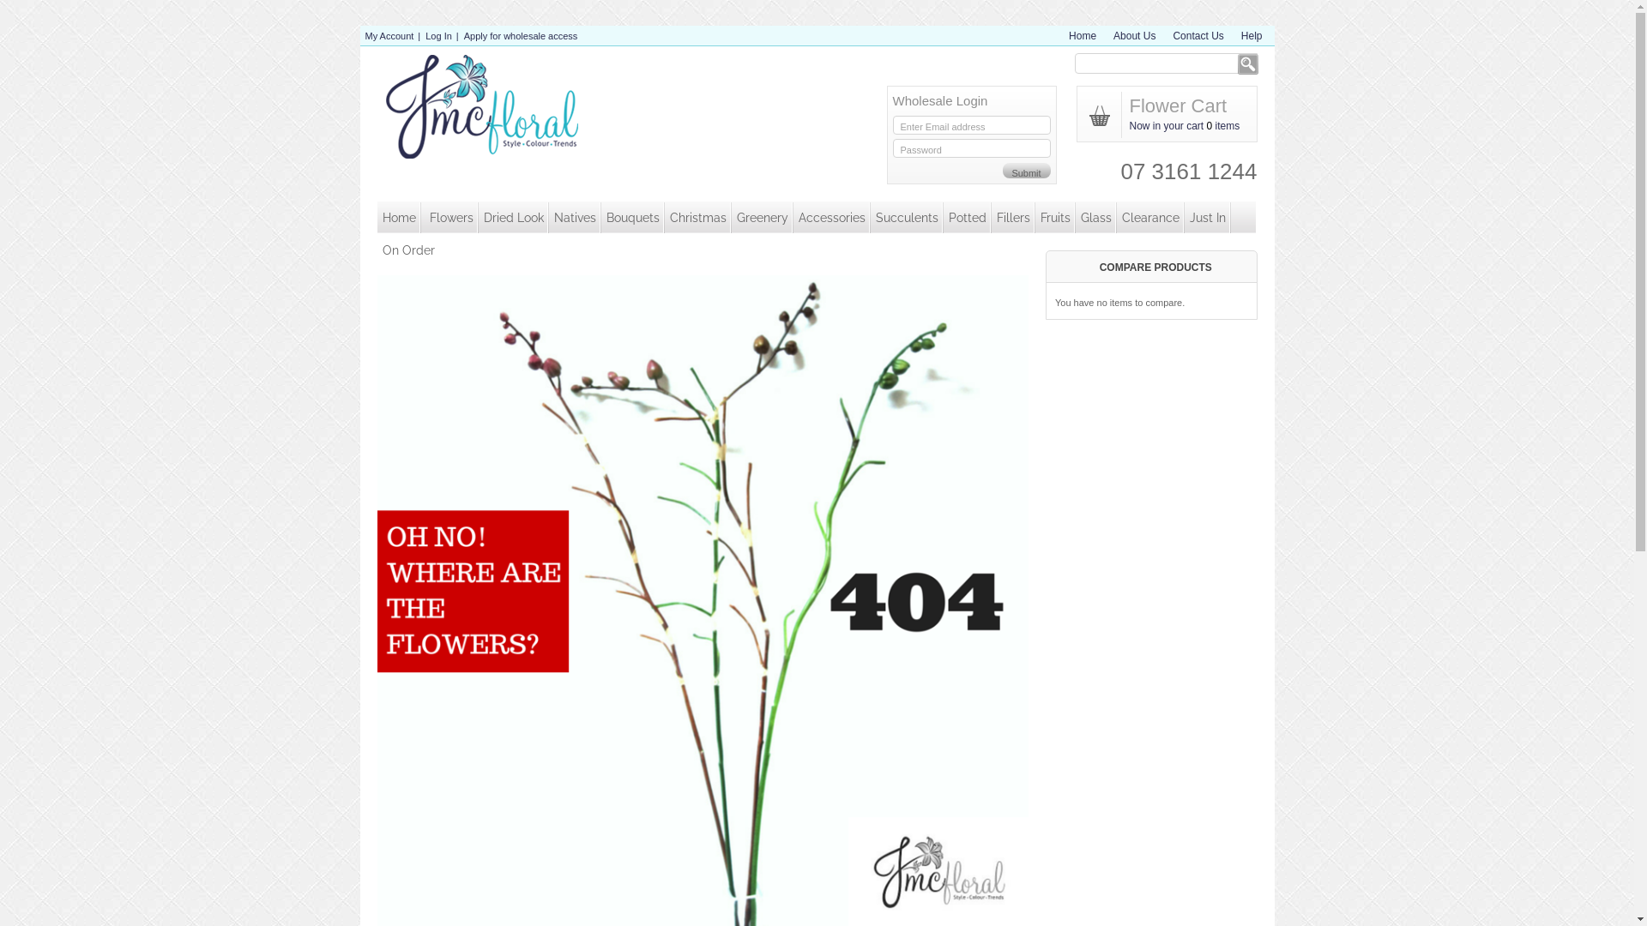  Describe the element at coordinates (1013, 217) in the screenshot. I see `'Fillers'` at that location.